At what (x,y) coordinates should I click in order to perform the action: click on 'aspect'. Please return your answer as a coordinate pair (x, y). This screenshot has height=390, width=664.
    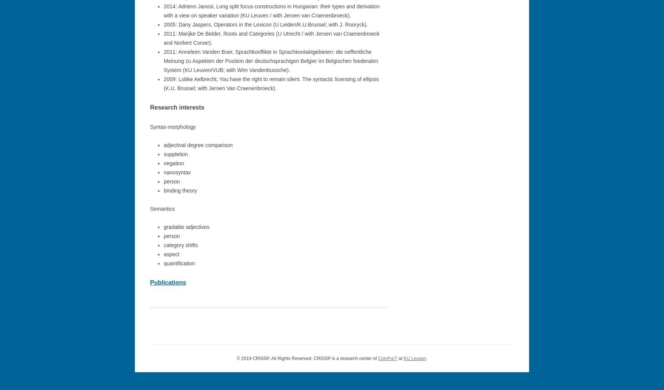
    Looking at the image, I should click on (163, 253).